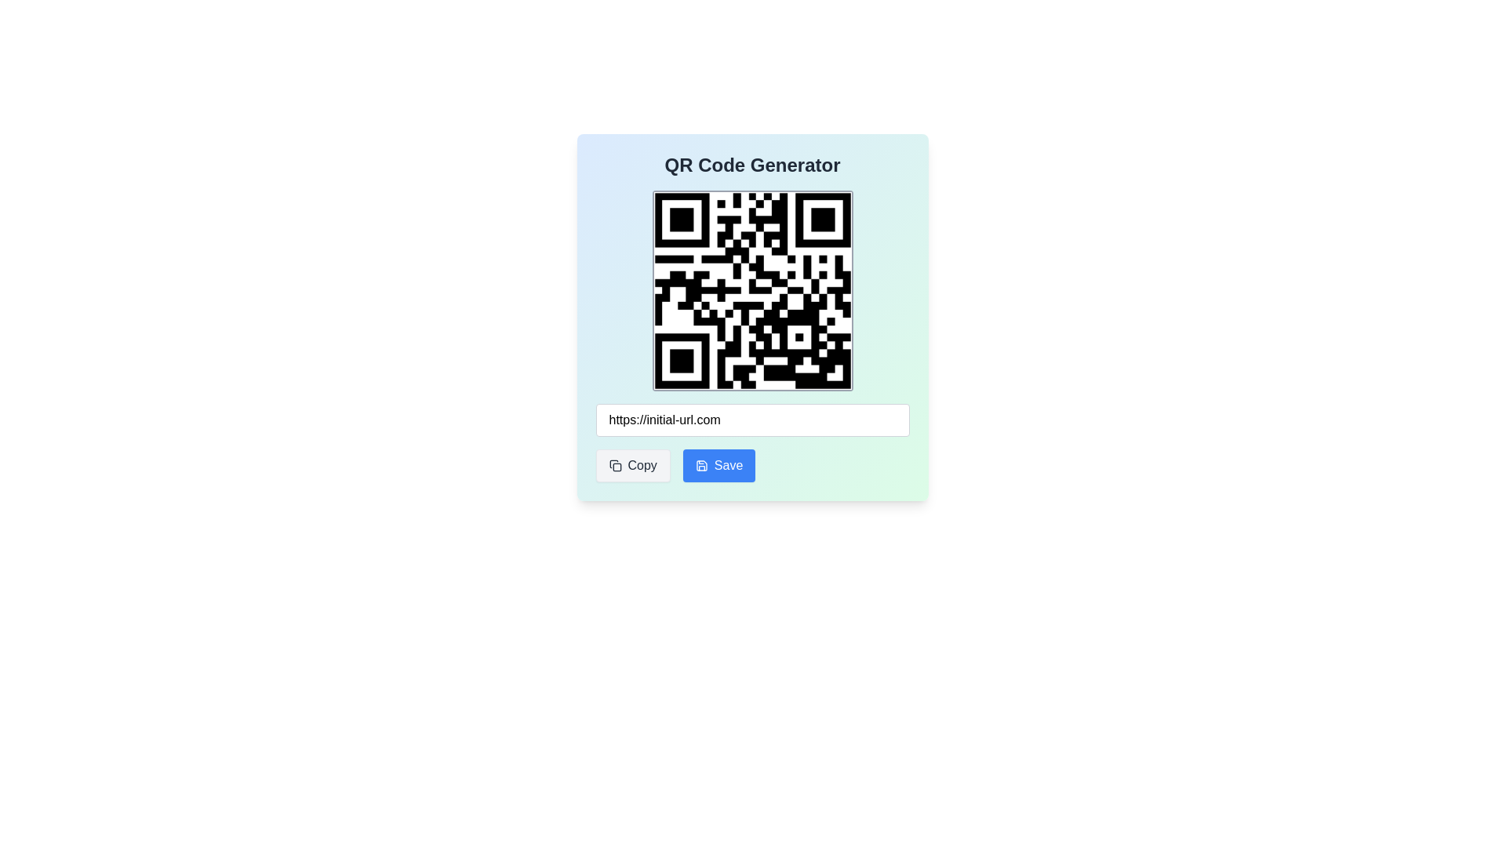 This screenshot has width=1506, height=847. What do you see at coordinates (700, 465) in the screenshot?
I see `the save icon, which is a minimalist floppy disk graphic located on the left side of the 'Save' button within the QR code generator interface` at bounding box center [700, 465].